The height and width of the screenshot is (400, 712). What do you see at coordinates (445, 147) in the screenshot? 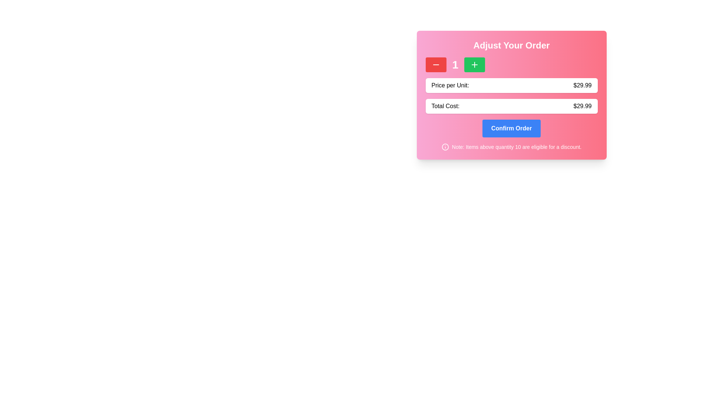
I see `the small circular information icon with a lowercase 'i' symbol, positioned to the left of the 'Note: Items above quantity 10 are eligible for a discount.' text, at the bottom of the 'Adjust Your Order' card` at bounding box center [445, 147].